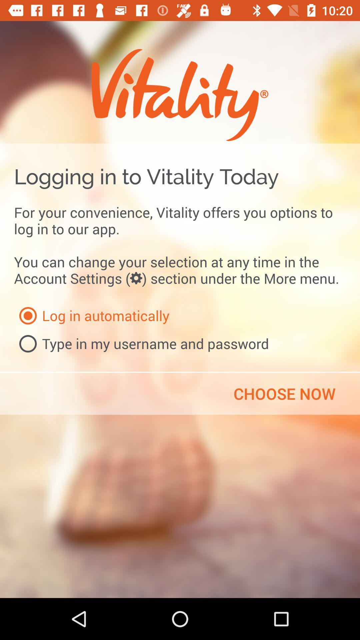 Image resolution: width=360 pixels, height=640 pixels. Describe the element at coordinates (284, 394) in the screenshot. I see `the choose now item` at that location.